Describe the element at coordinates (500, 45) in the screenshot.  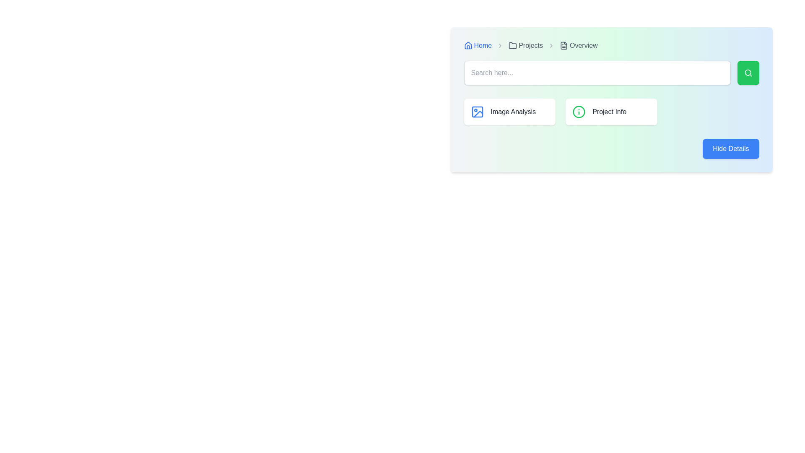
I see `the Separator icon (chevron) located between the 'Home' and 'Projects' links in the breadcrumb navigation bar` at that location.